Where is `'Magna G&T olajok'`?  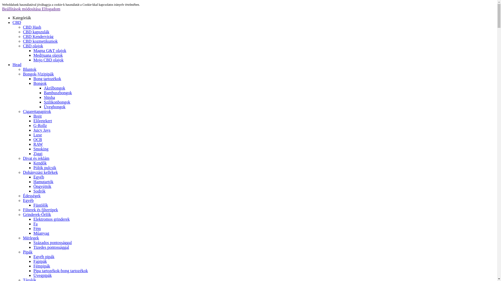
'Magna G&T olajok' is located at coordinates (50, 50).